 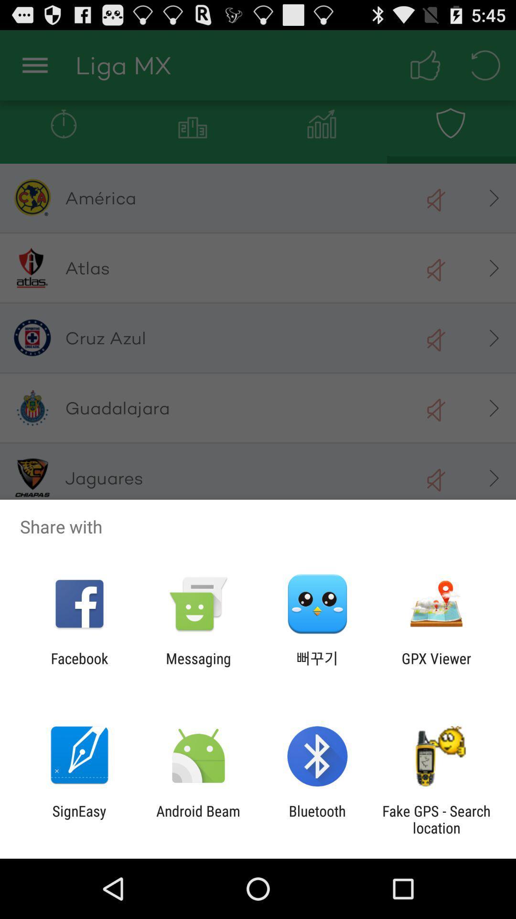 I want to click on icon to the left of messaging icon, so click(x=79, y=666).